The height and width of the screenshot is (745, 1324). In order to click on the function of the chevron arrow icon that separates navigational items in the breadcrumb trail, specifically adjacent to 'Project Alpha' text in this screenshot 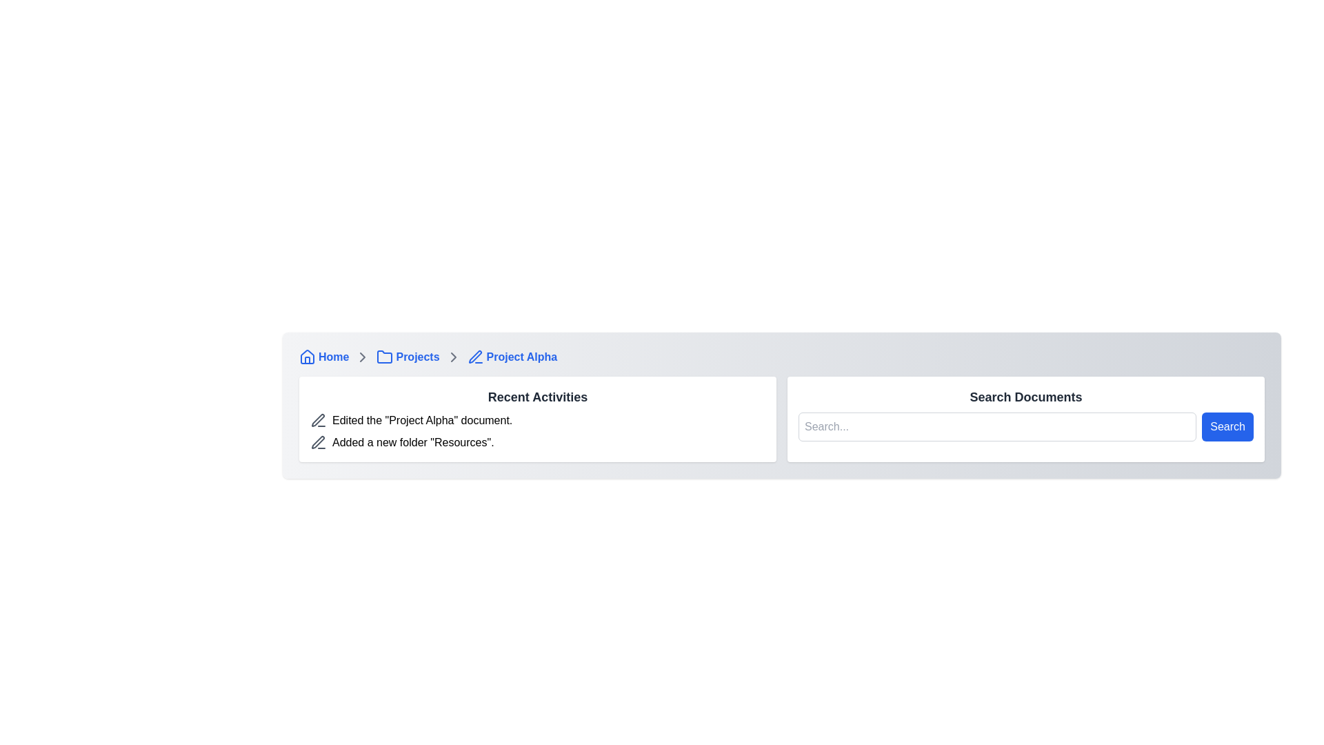, I will do `click(453, 356)`.